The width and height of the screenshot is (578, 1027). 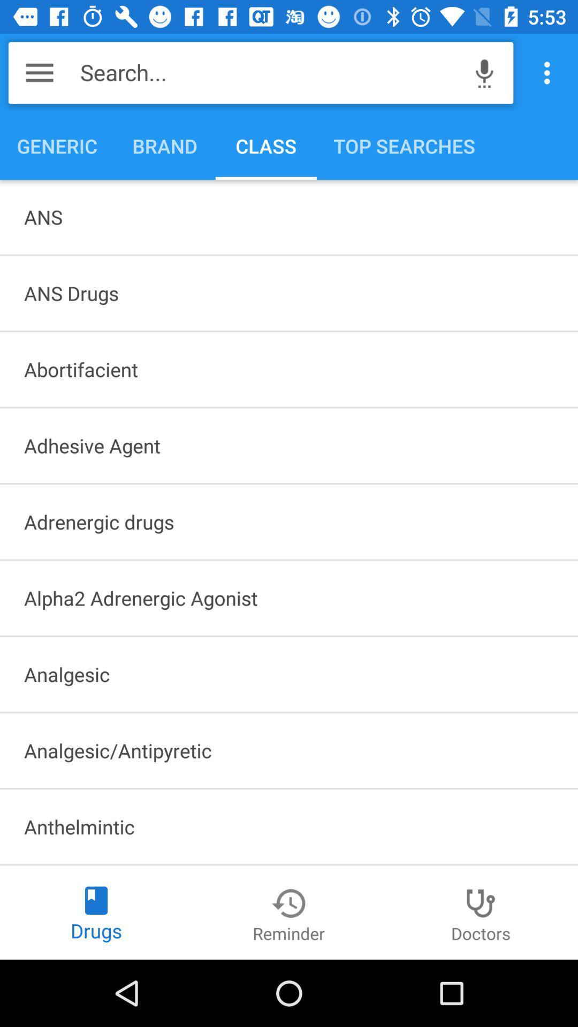 What do you see at coordinates (484, 72) in the screenshot?
I see `the item next to the search... icon` at bounding box center [484, 72].